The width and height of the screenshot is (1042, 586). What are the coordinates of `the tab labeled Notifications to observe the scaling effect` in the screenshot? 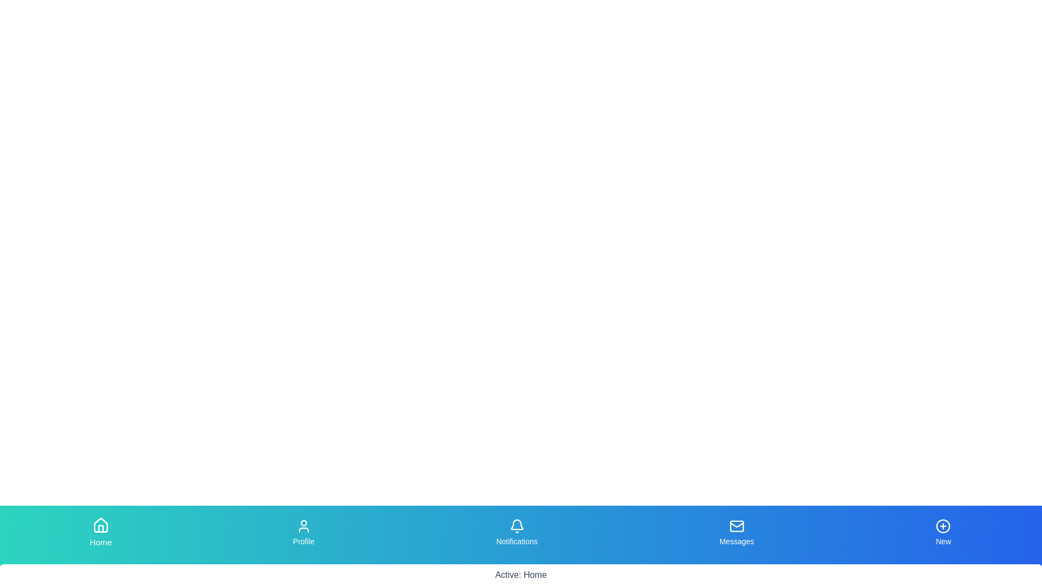 It's located at (516, 532).